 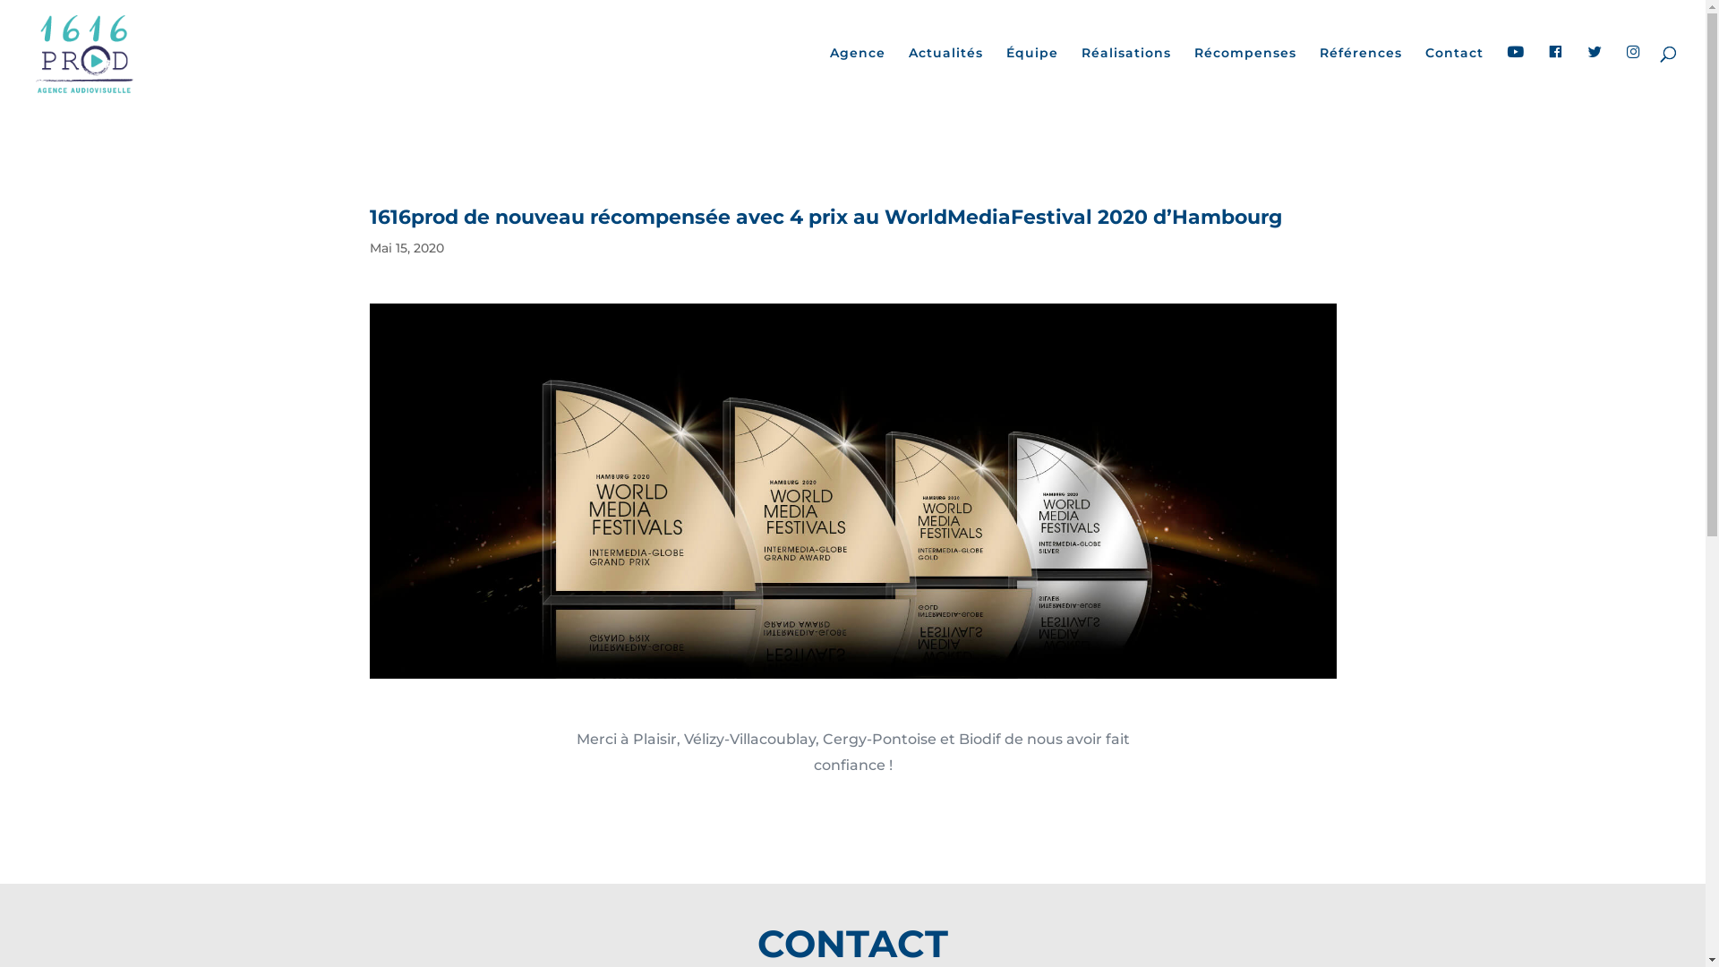 What do you see at coordinates (857, 74) in the screenshot?
I see `'Agence'` at bounding box center [857, 74].